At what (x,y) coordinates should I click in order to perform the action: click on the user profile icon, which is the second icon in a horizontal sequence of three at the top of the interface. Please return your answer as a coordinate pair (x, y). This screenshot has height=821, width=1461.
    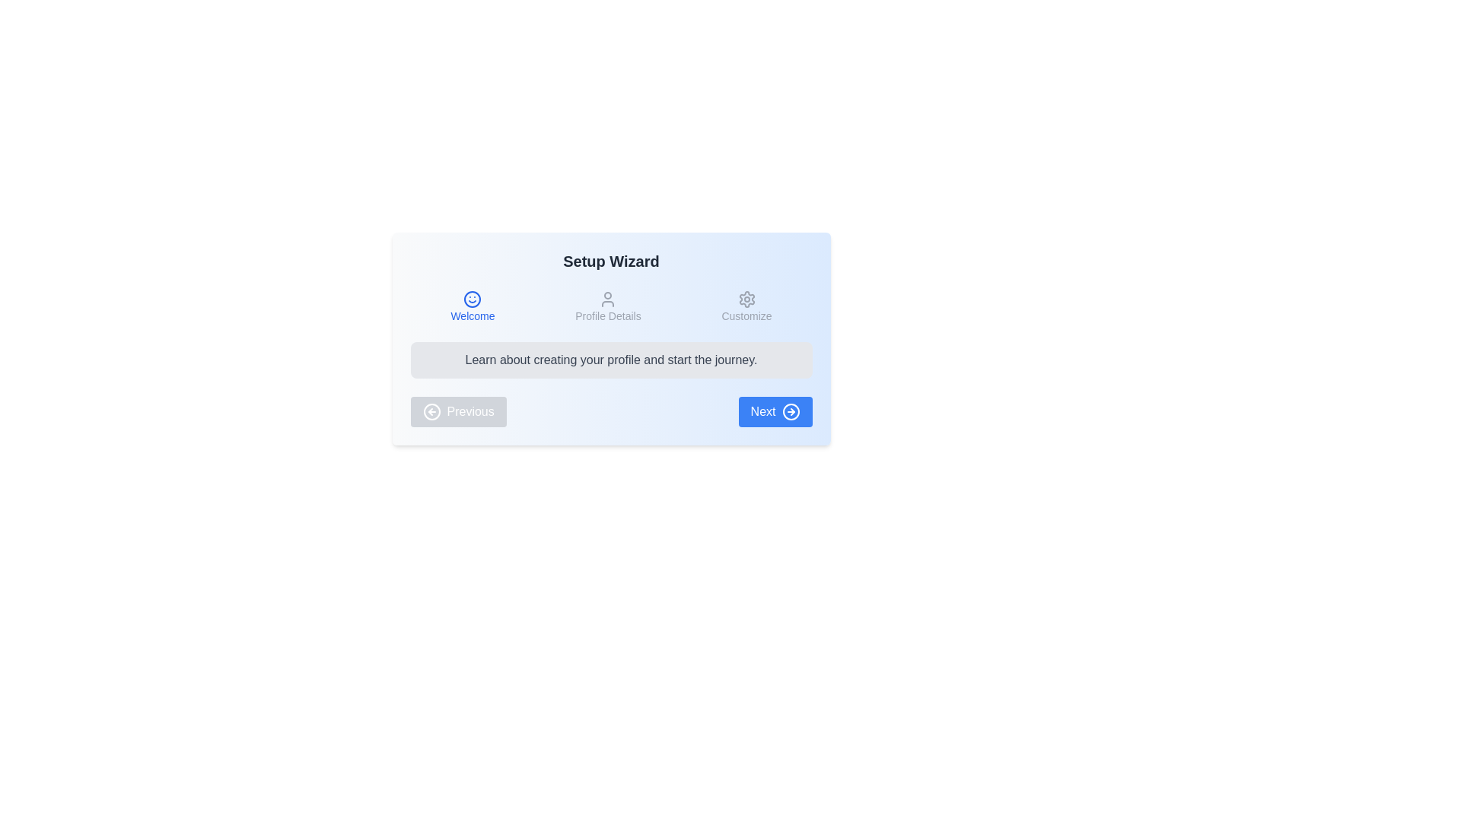
    Looking at the image, I should click on (607, 299).